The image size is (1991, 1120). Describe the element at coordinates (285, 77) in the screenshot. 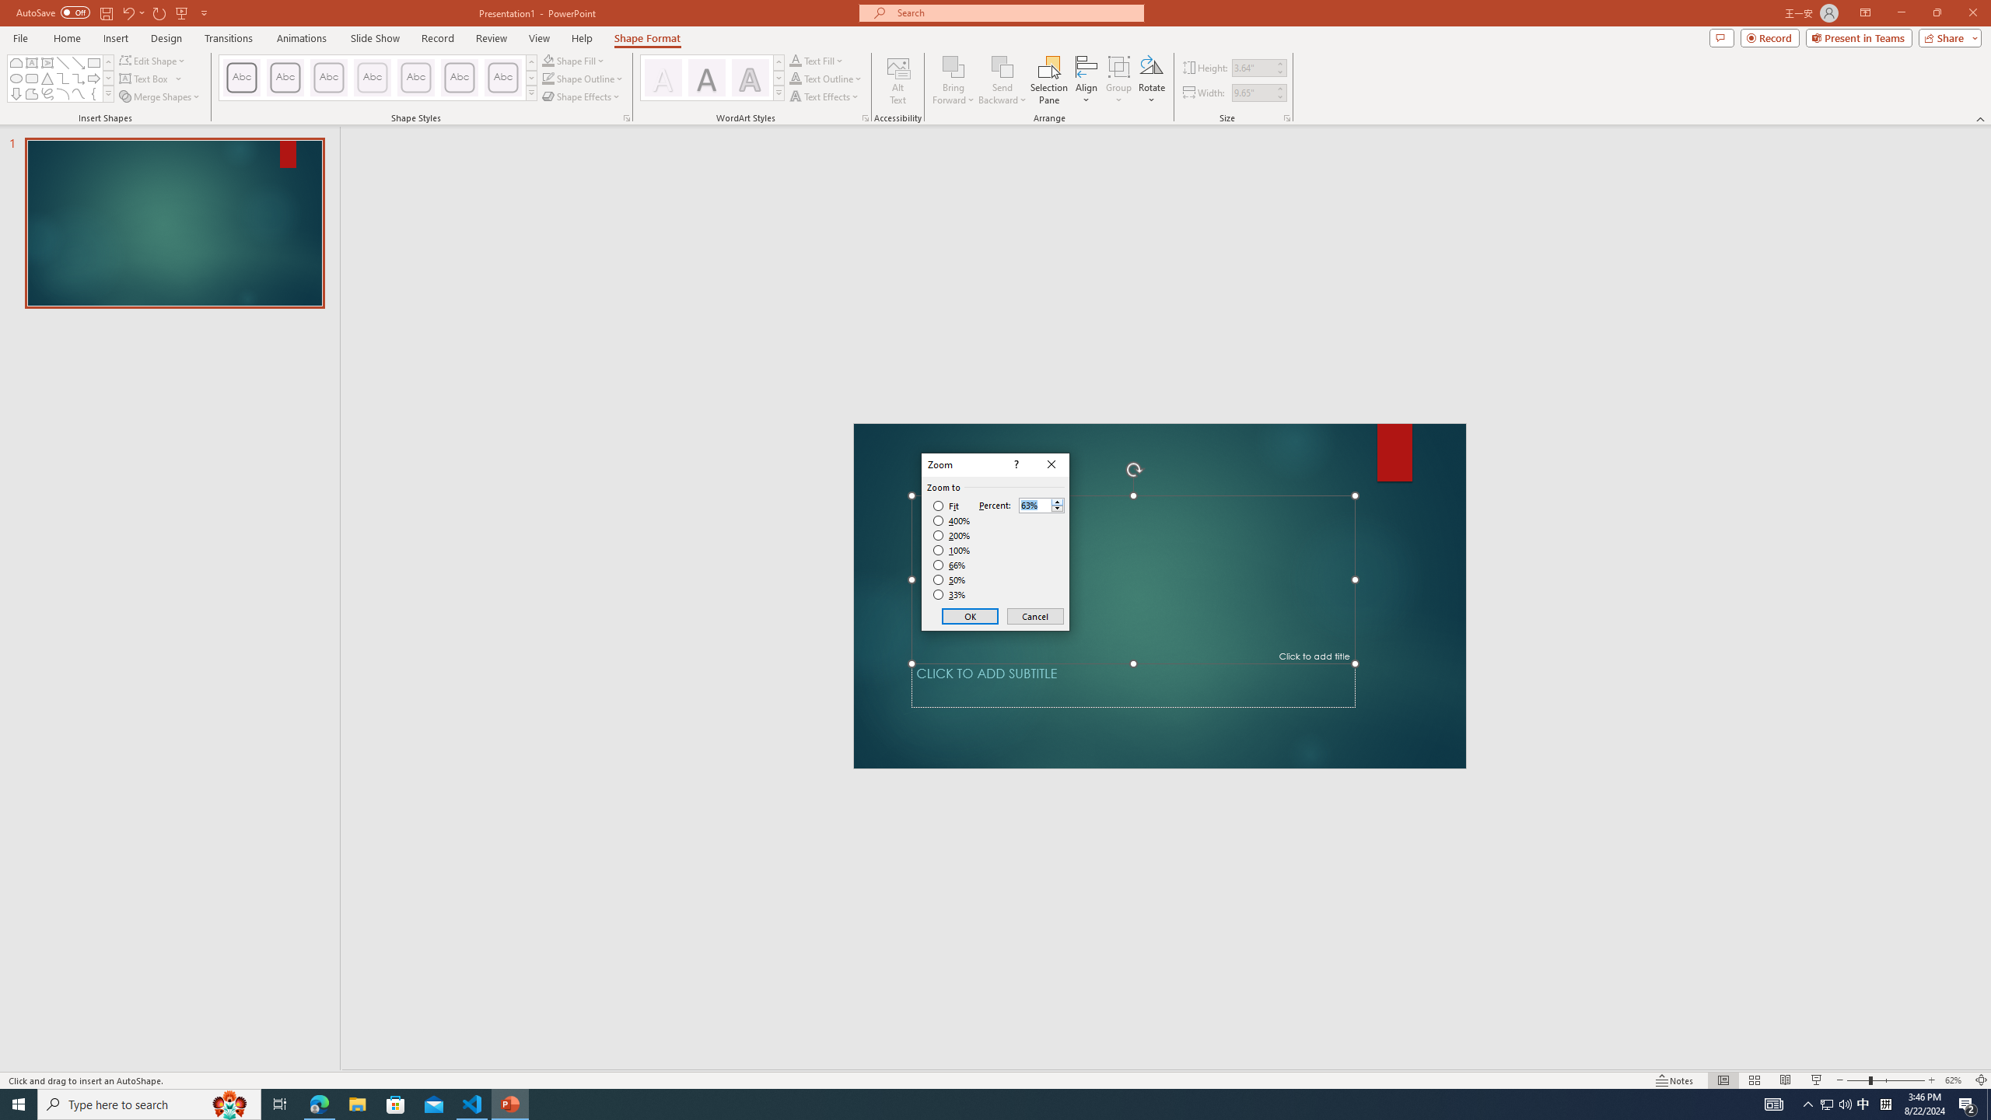

I see `'Colored Outline - Dark Red, Accent 1'` at that location.